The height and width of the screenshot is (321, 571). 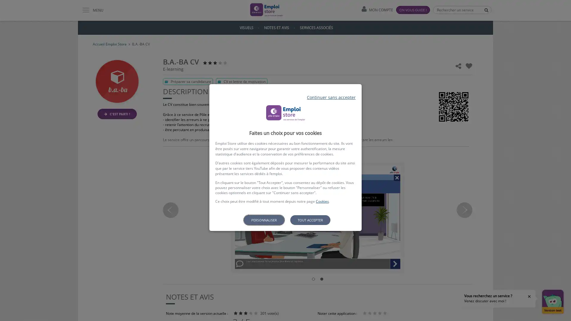 What do you see at coordinates (552, 301) in the screenshot?
I see `Ouvrir la fenetre de discussion Version test` at bounding box center [552, 301].